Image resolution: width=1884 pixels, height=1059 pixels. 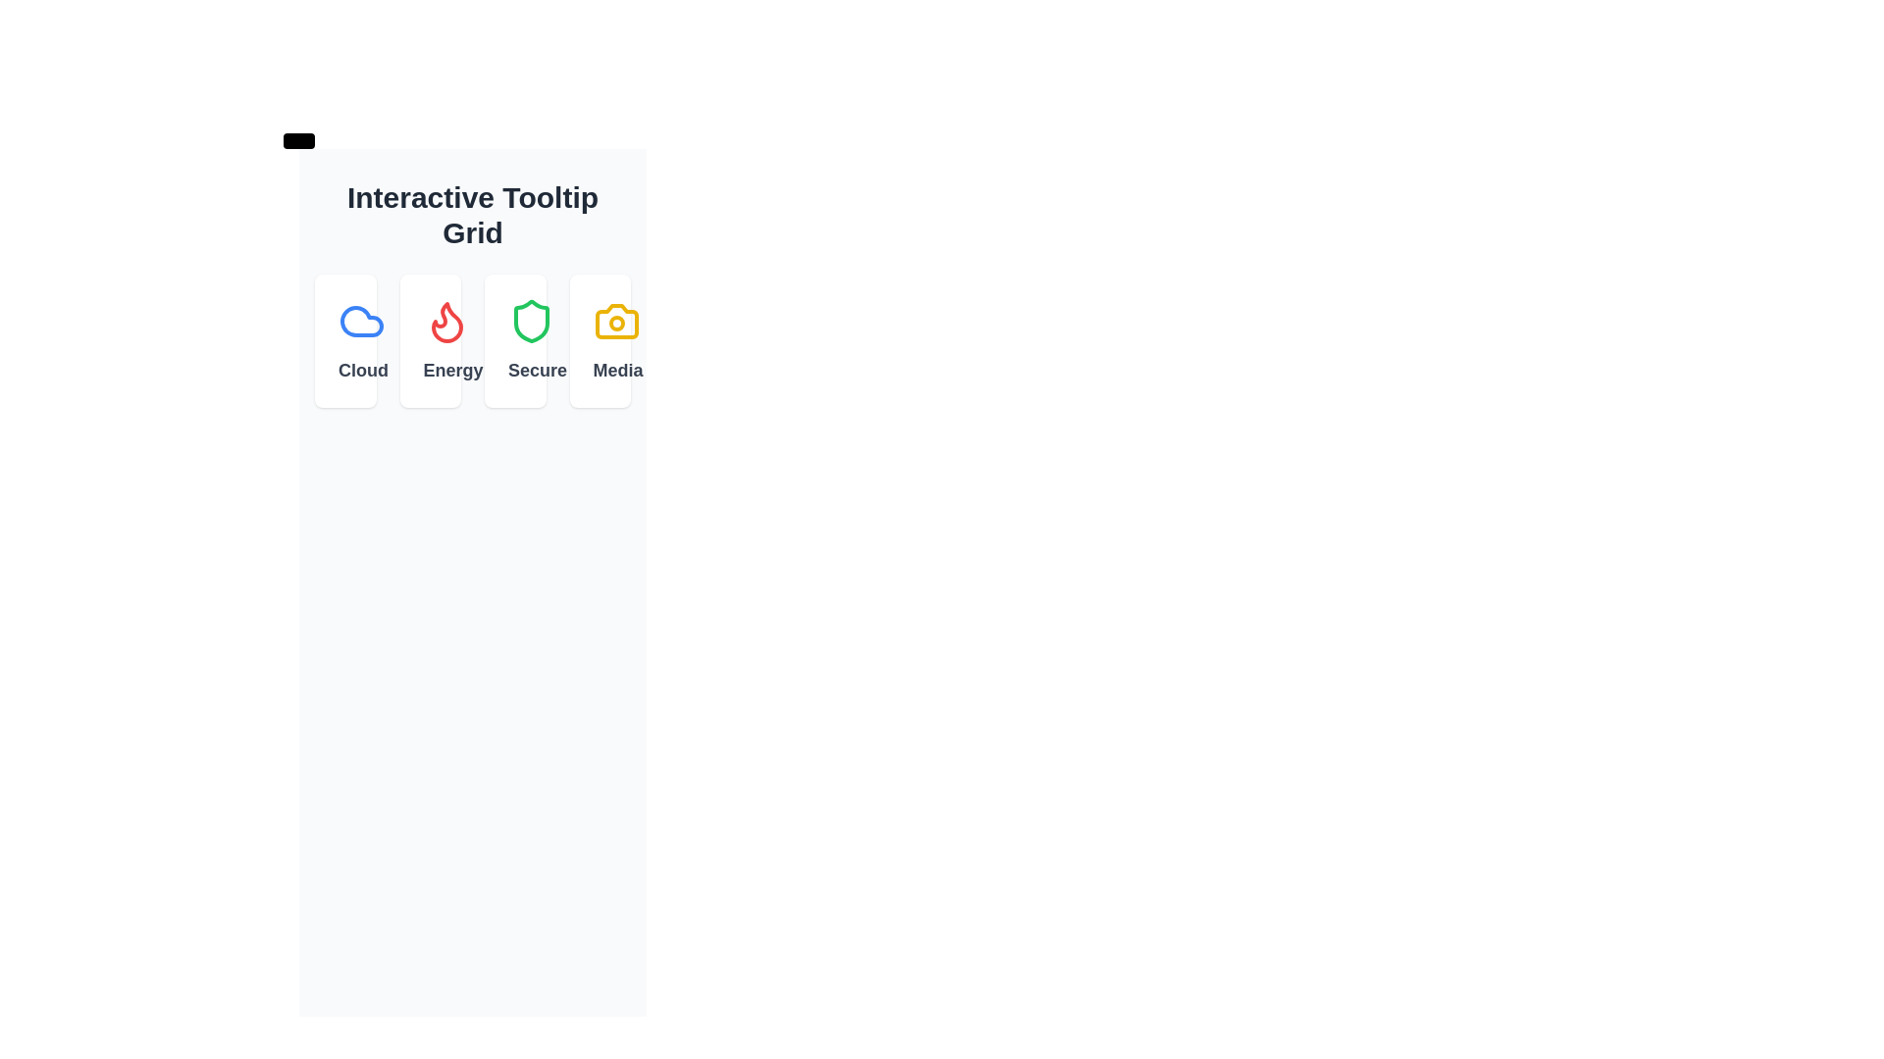 What do you see at coordinates (362, 320) in the screenshot?
I see `the blue cloud-shaped icon located in the top-left card of the grid layout` at bounding box center [362, 320].